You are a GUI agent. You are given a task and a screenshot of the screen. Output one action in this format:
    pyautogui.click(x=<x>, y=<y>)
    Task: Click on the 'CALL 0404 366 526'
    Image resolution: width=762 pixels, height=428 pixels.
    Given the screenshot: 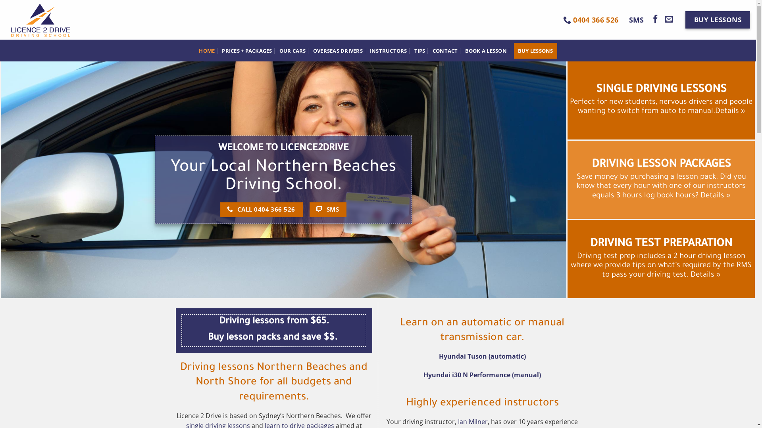 What is the action you would take?
    pyautogui.click(x=261, y=209)
    